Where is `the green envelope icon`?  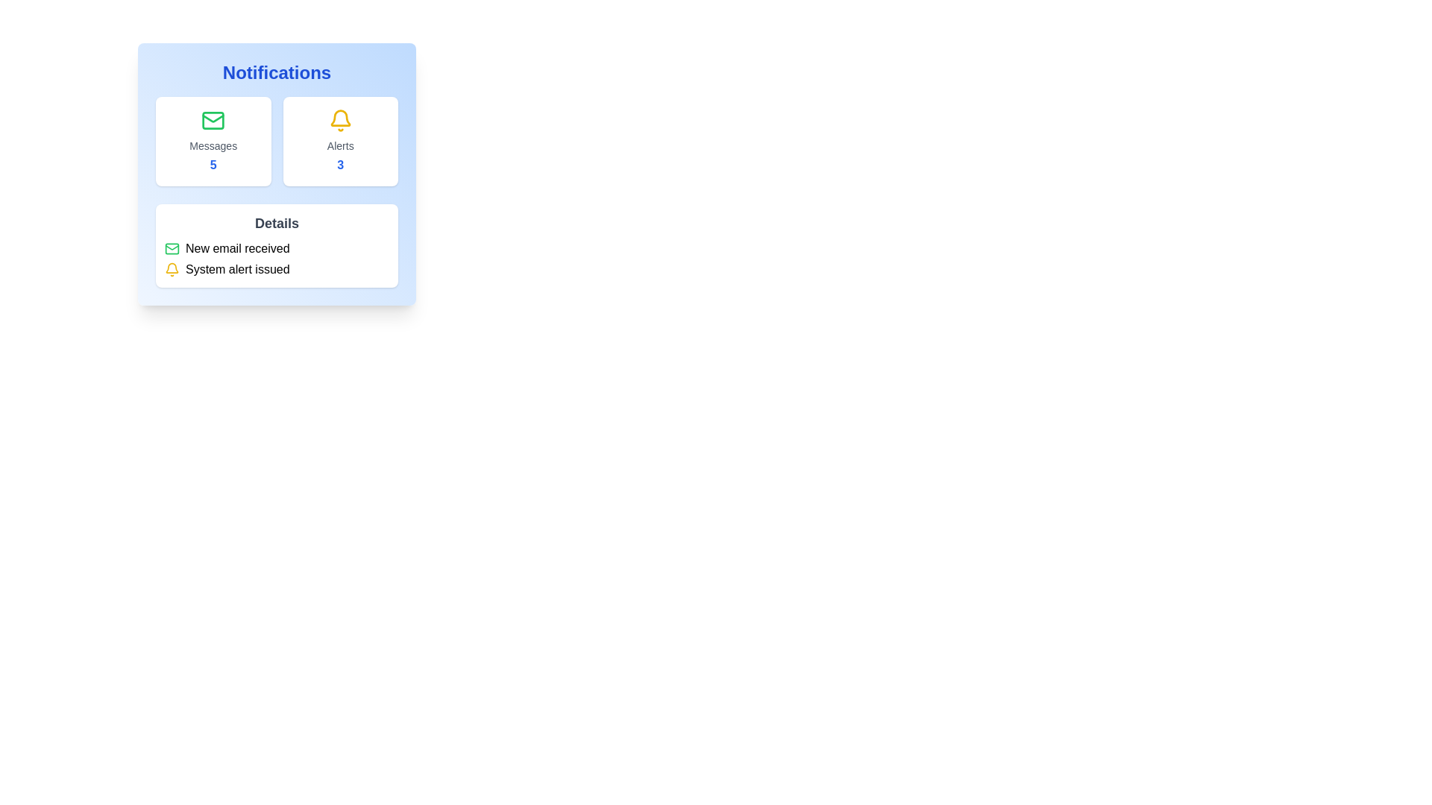
the green envelope icon is located at coordinates (213, 120).